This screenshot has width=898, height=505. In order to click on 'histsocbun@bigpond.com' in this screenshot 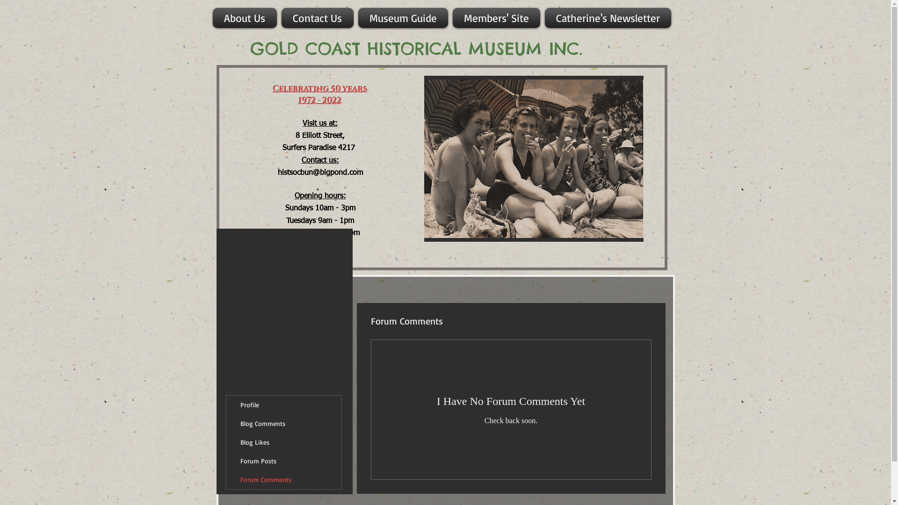, I will do `click(320, 173)`.